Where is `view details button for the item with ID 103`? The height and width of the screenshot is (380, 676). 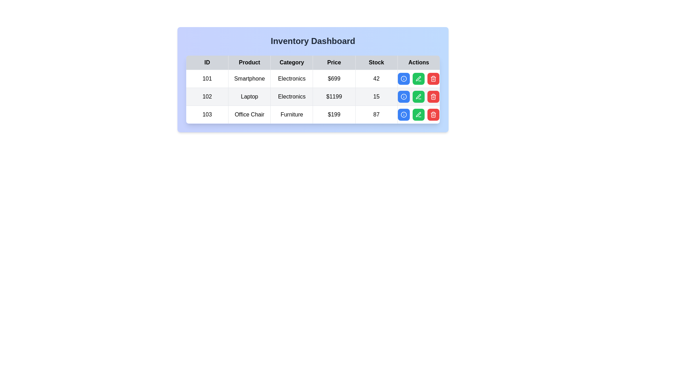
view details button for the item with ID 103 is located at coordinates (404, 114).